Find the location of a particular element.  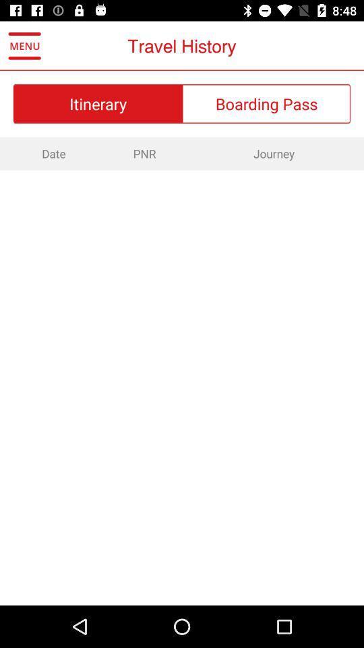

journey icon is located at coordinates (273, 153).